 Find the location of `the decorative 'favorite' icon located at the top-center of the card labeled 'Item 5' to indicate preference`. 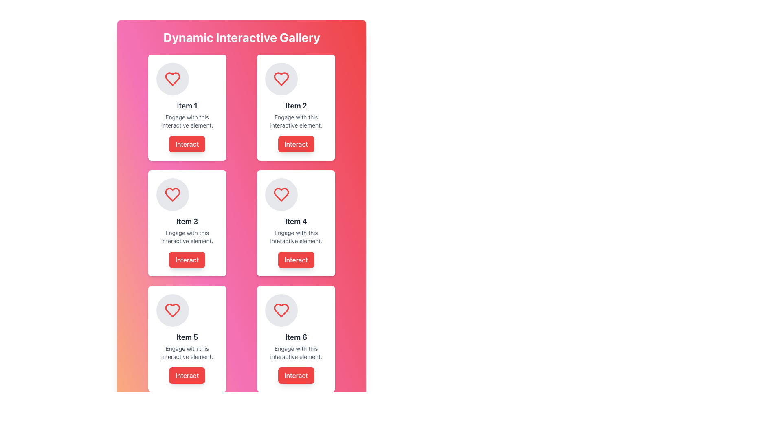

the decorative 'favorite' icon located at the top-center of the card labeled 'Item 5' to indicate preference is located at coordinates (172, 310).